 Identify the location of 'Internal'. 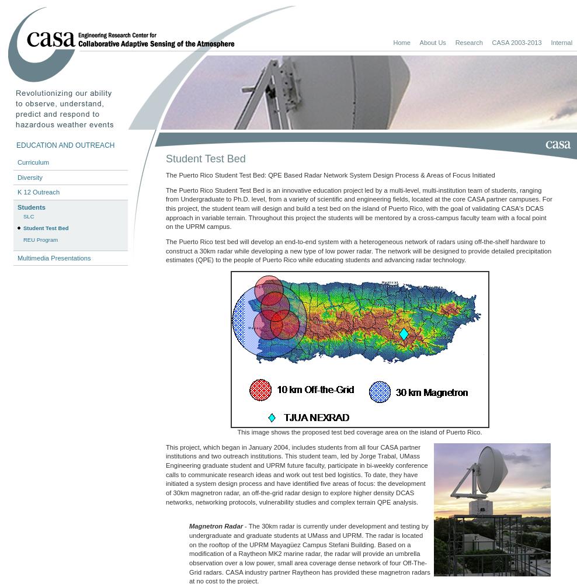
(561, 41).